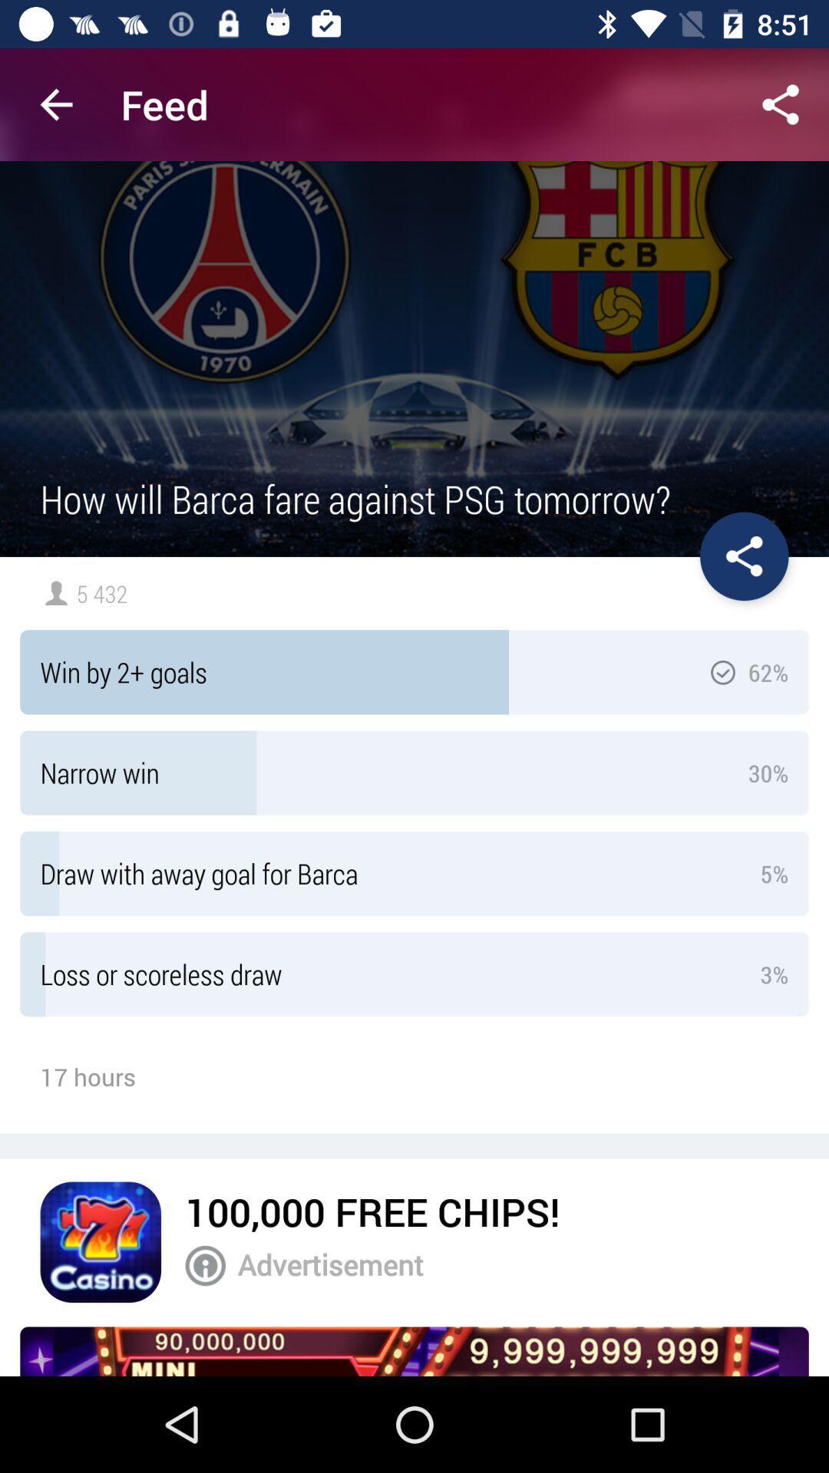  Describe the element at coordinates (204, 1266) in the screenshot. I see `notification of advertisement` at that location.